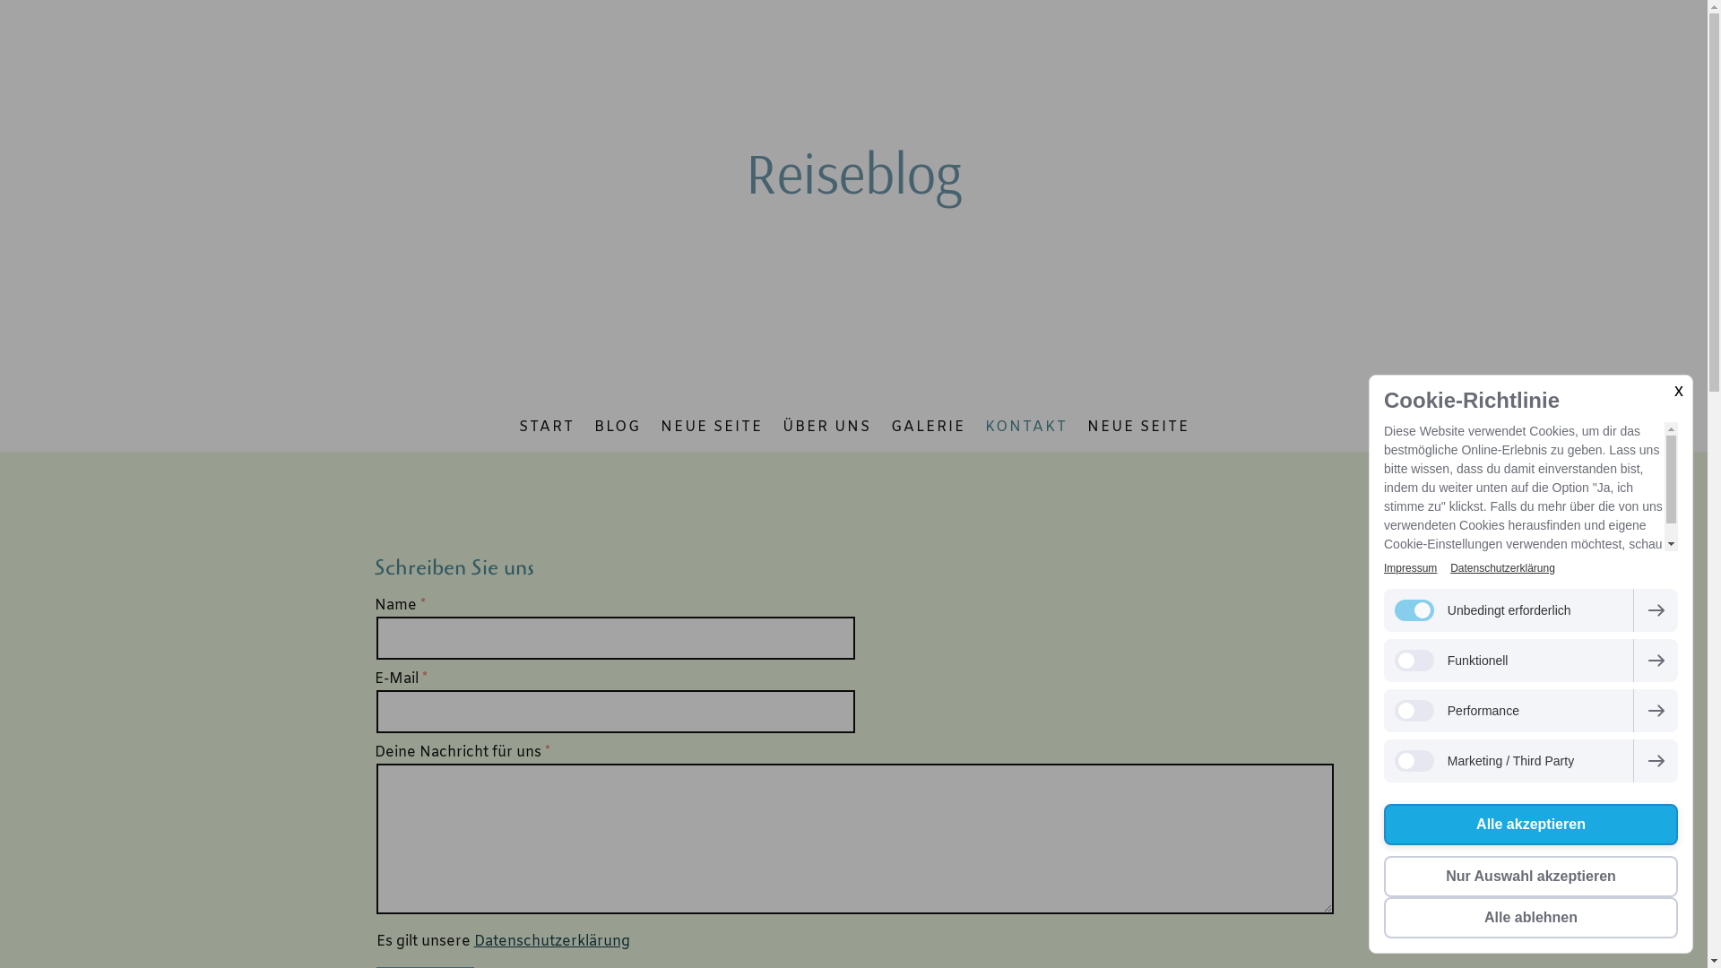  What do you see at coordinates (618, 428) in the screenshot?
I see `'BLOG'` at bounding box center [618, 428].